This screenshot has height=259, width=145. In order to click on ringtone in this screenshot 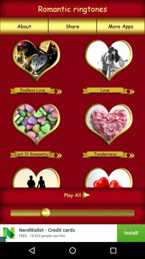, I will do `click(36, 125)`.